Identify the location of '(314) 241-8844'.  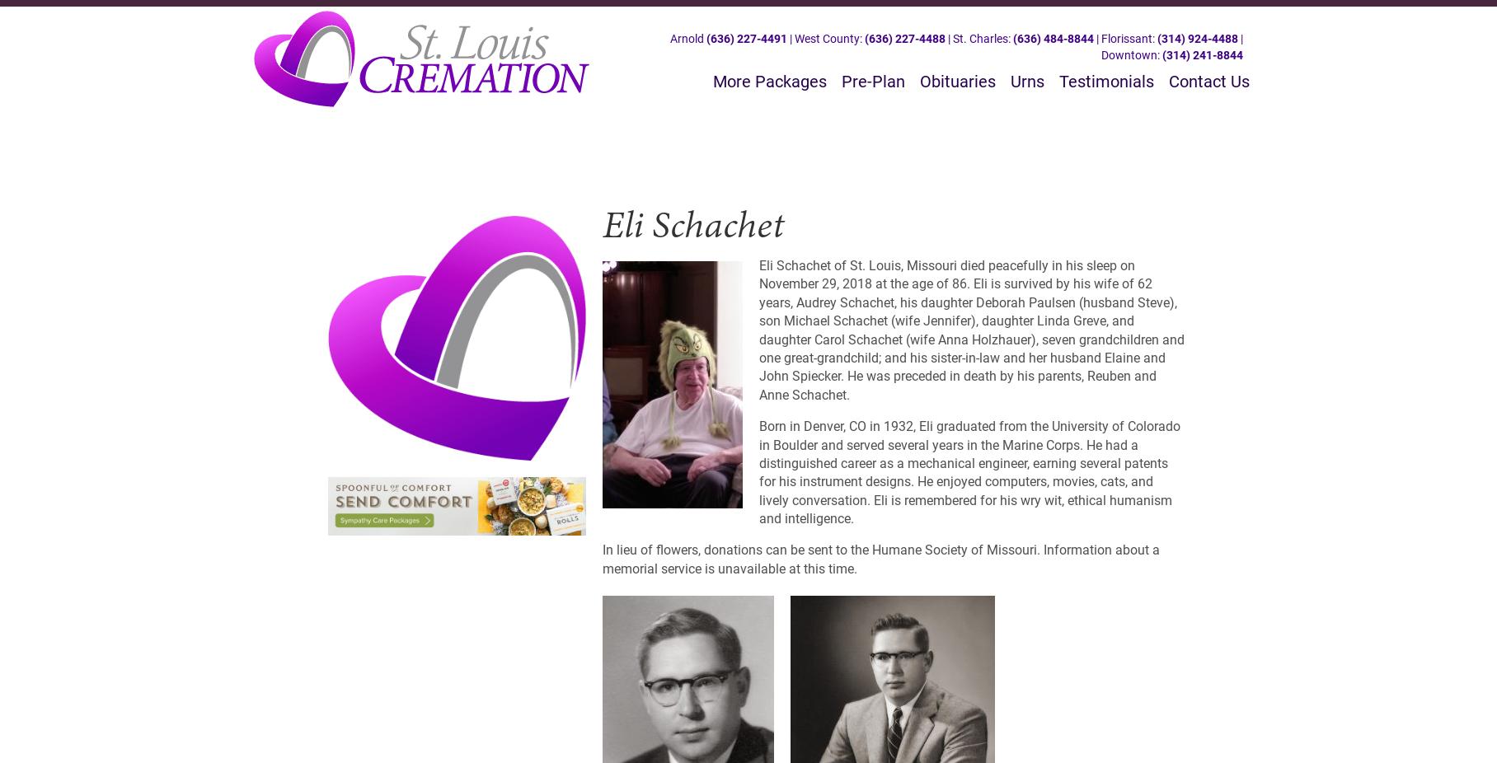
(1161, 54).